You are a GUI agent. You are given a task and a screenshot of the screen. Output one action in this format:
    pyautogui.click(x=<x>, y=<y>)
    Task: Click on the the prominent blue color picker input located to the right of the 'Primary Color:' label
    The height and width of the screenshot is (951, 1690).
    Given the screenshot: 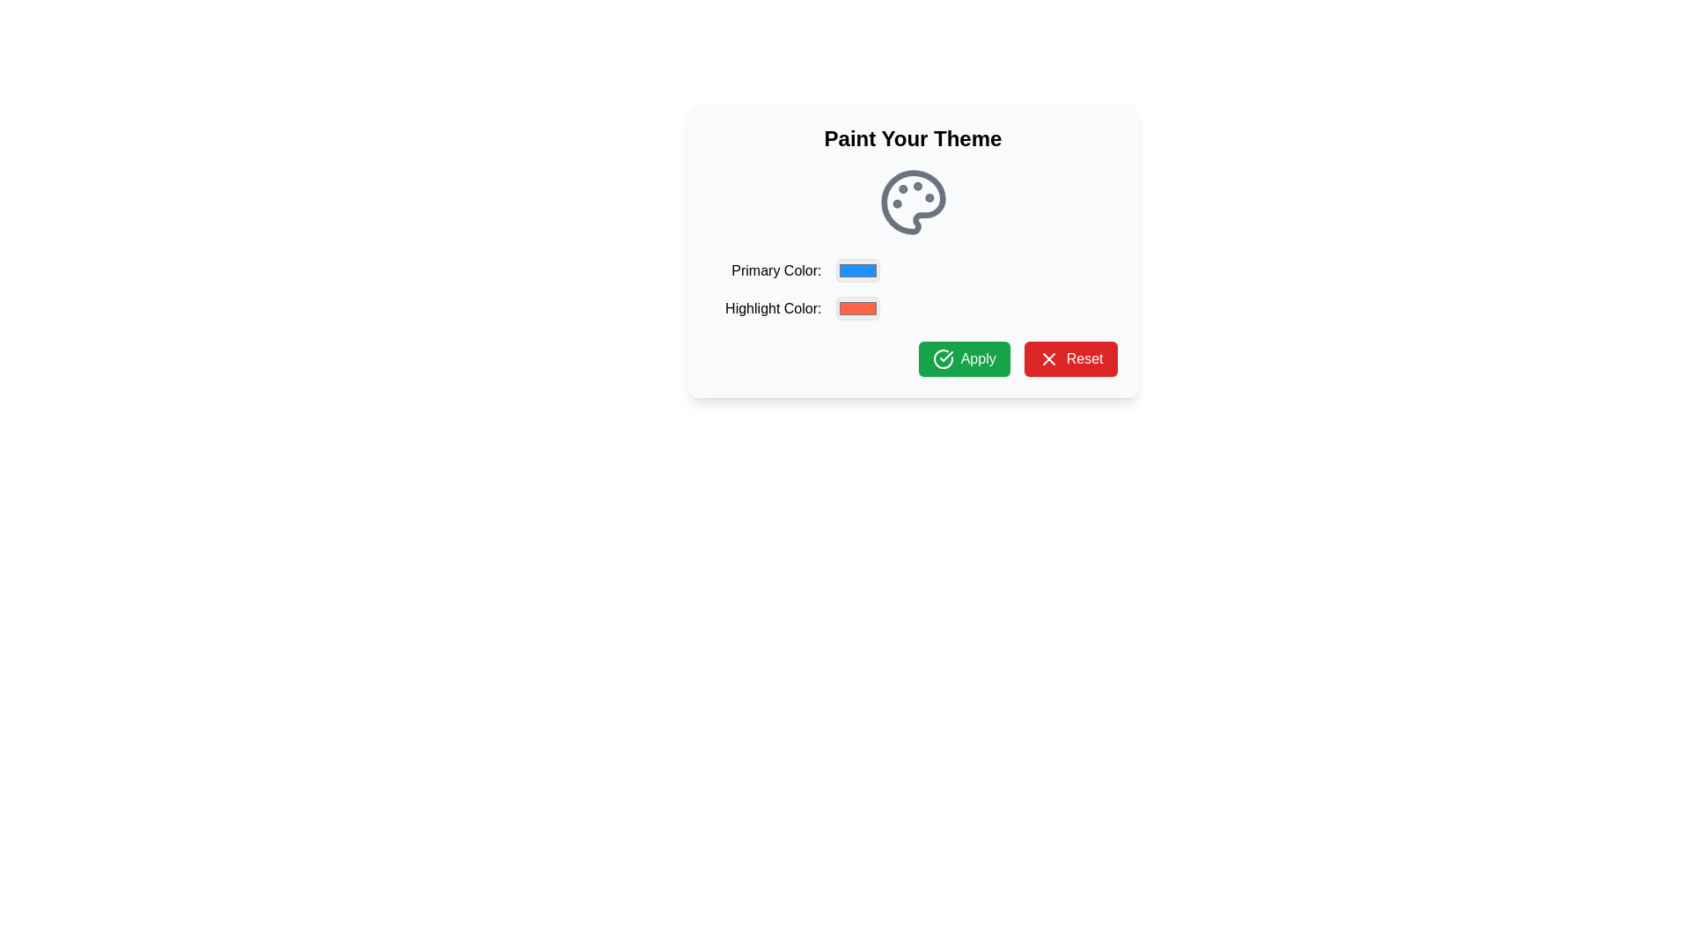 What is the action you would take?
    pyautogui.click(x=857, y=270)
    